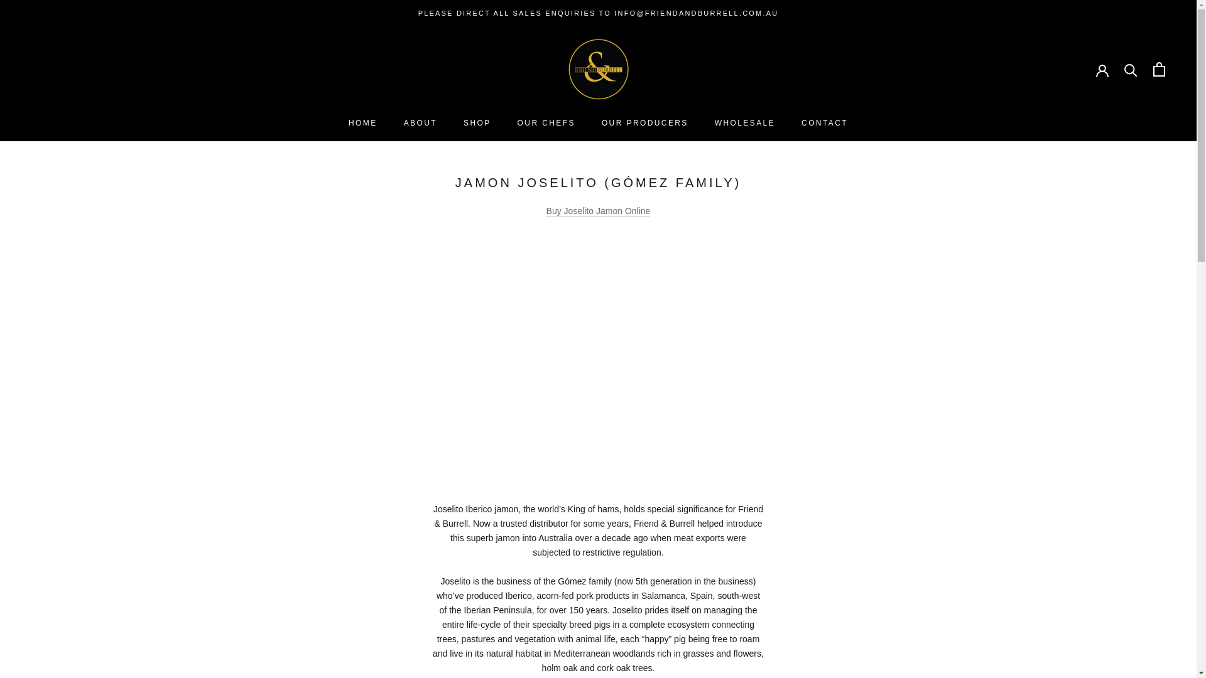 The image size is (1206, 678). What do you see at coordinates (744, 123) in the screenshot?
I see `'WHOLESALE` at bounding box center [744, 123].